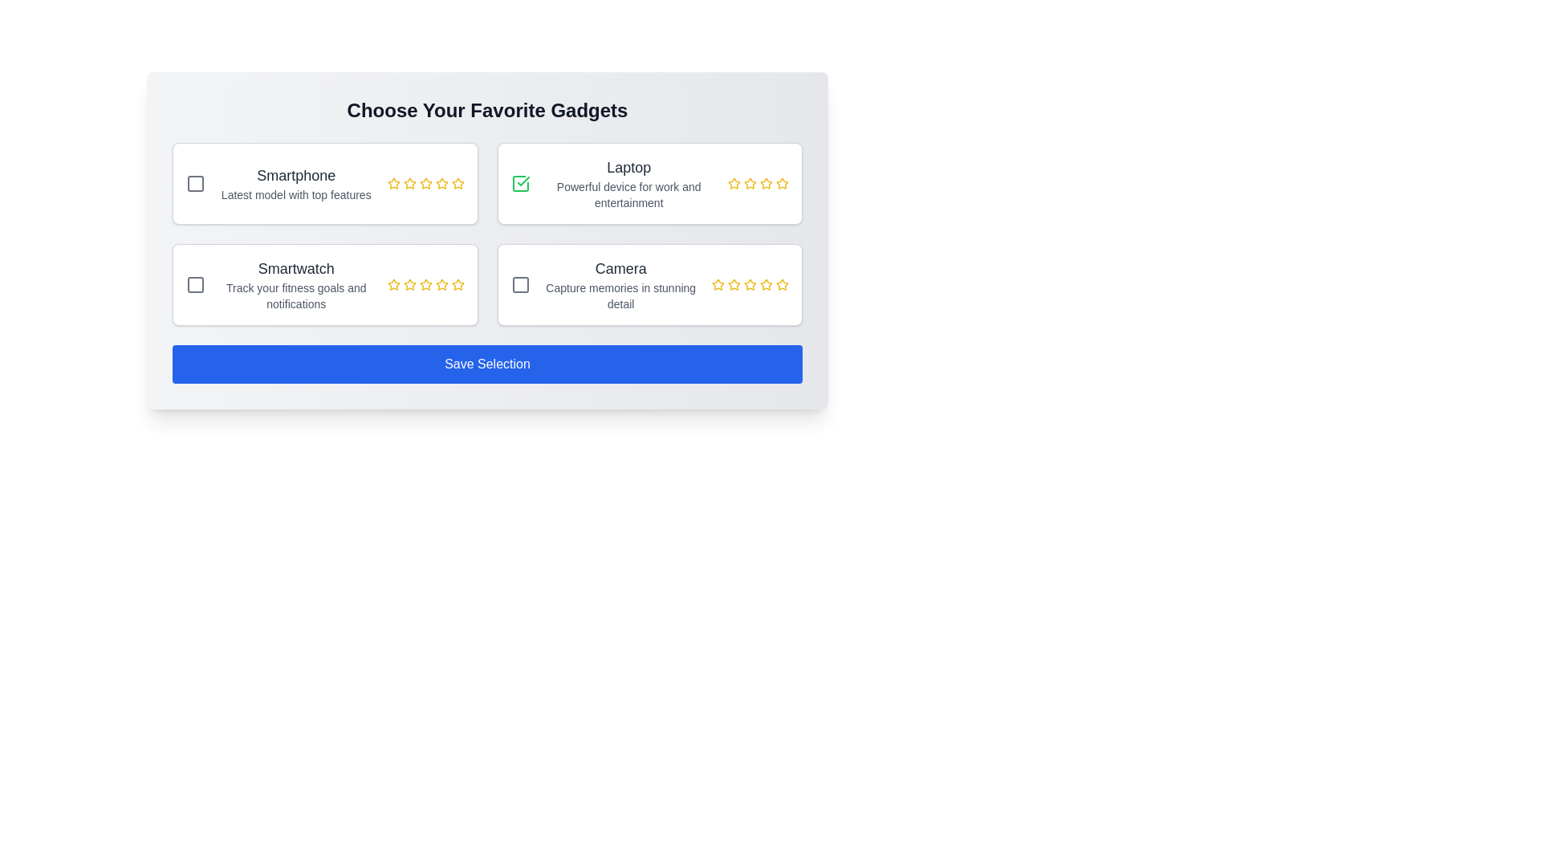  Describe the element at coordinates (296, 194) in the screenshot. I see `static text label that contains the description 'Latest model with top features', which is styled in gray and located beneath the header 'Smartphone'` at that location.